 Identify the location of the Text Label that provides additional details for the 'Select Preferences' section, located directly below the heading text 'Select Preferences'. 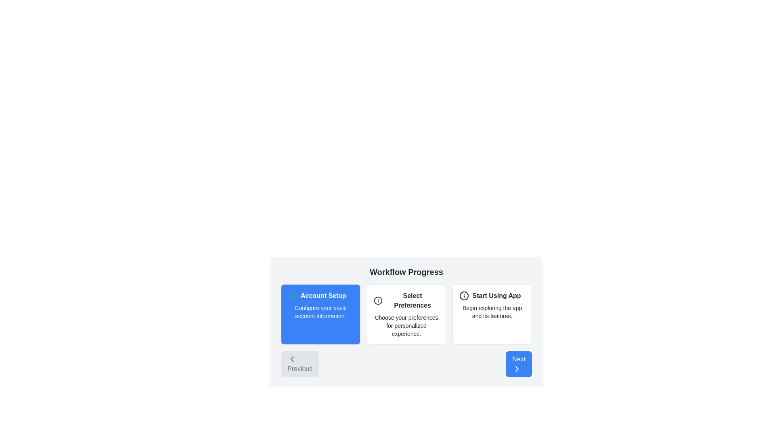
(406, 325).